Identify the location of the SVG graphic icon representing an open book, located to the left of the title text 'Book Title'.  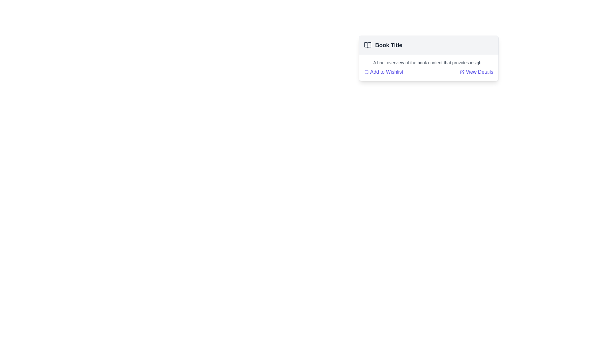
(367, 45).